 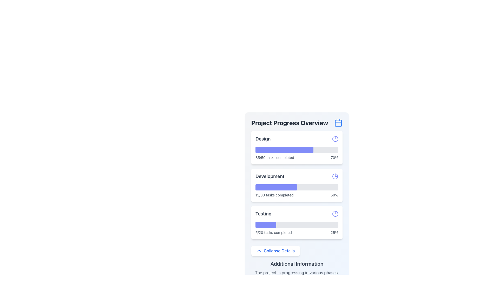 What do you see at coordinates (334, 195) in the screenshot?
I see `the Static Text displaying the percentage of tasks completed for the 'Development' section in the 'Project Progress Overview' card` at bounding box center [334, 195].